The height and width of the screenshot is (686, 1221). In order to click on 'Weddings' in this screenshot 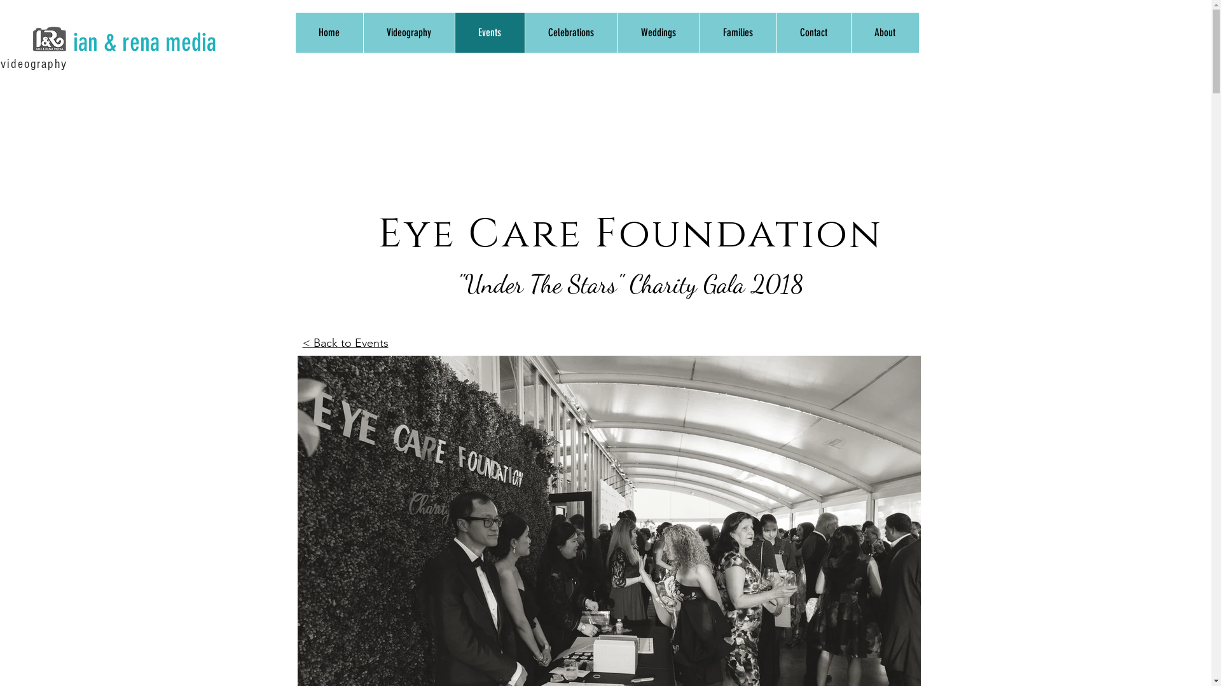, I will do `click(658, 32)`.